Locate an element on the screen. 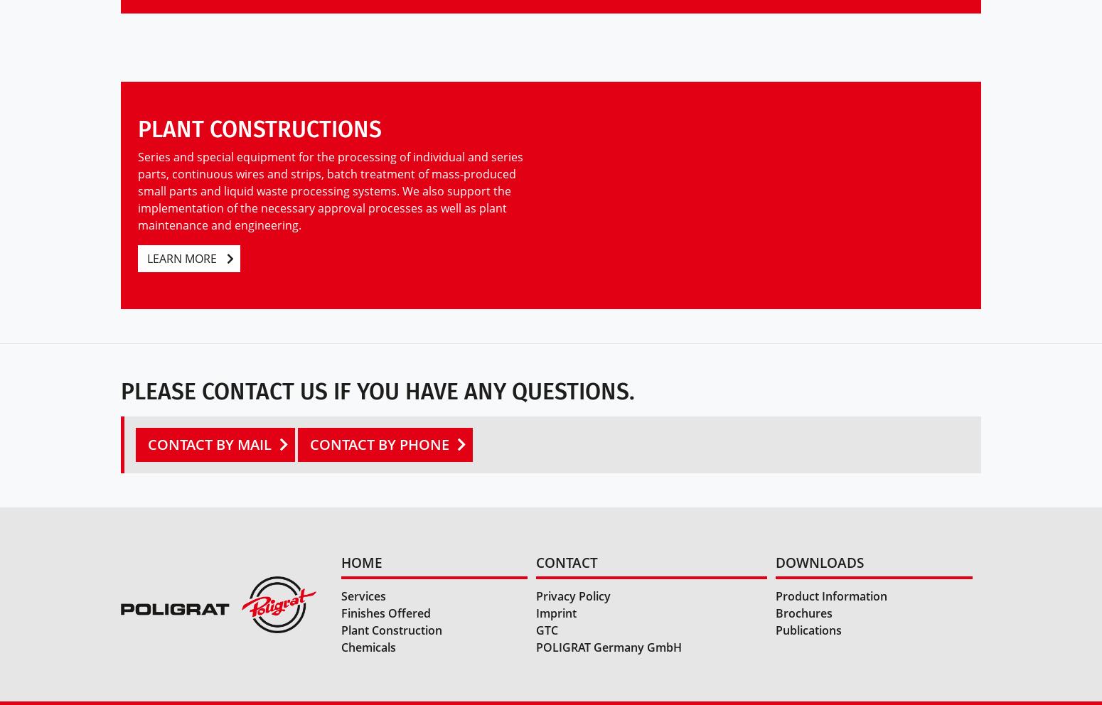  'Publications' is located at coordinates (808, 630).